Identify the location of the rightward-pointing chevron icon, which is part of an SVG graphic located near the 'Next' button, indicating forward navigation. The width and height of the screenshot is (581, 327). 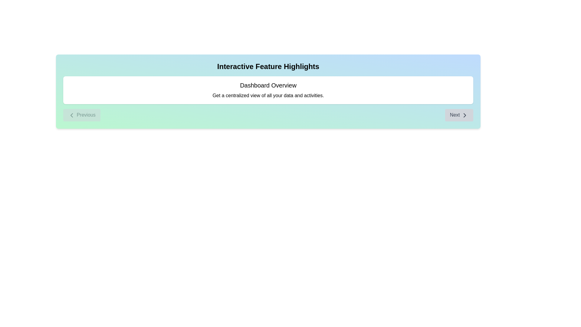
(464, 115).